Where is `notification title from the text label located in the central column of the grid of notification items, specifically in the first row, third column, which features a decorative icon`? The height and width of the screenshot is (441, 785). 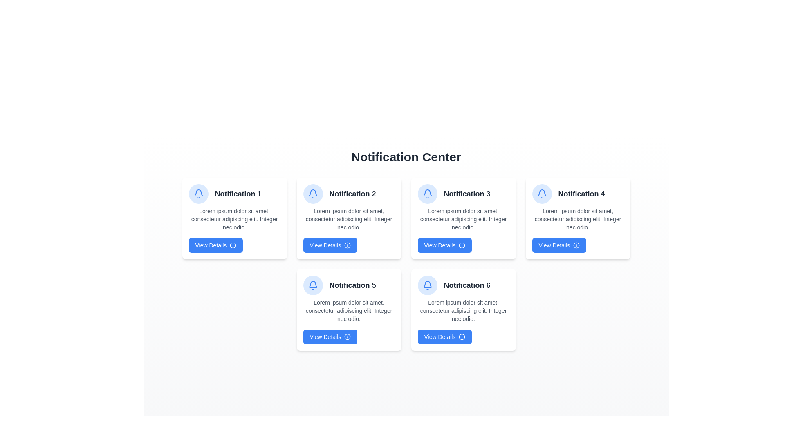
notification title from the text label located in the central column of the grid of notification items, specifically in the first row, third column, which features a decorative icon is located at coordinates (463, 194).